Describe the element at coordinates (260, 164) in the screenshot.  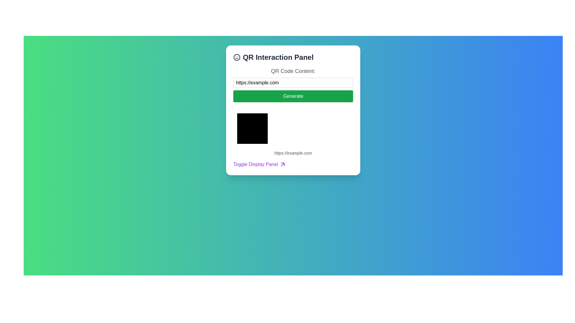
I see `the button located in the bottom section of the 'QR Interaction Panel' card to underline the embedded text` at that location.